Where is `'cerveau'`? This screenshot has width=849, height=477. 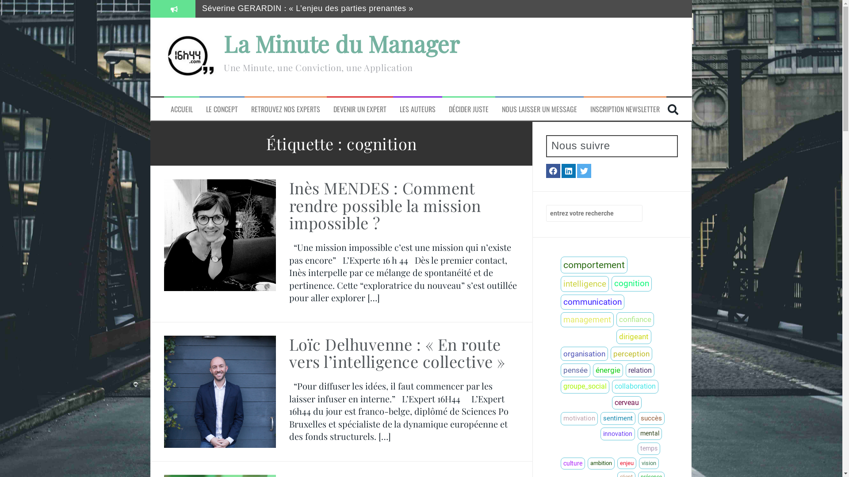 'cerveau' is located at coordinates (626, 402).